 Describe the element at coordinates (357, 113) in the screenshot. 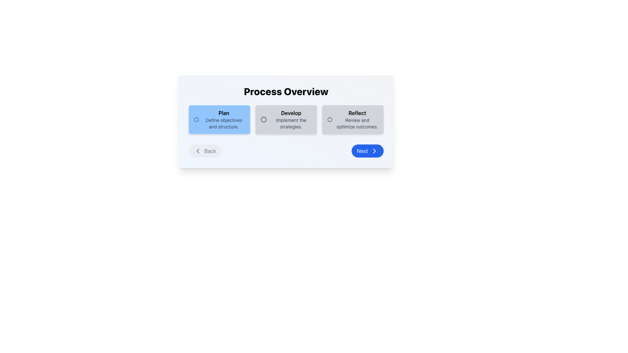

I see `the text label displaying 'Reflect' in bold font located in the third option card under 'Process Overview'` at that location.